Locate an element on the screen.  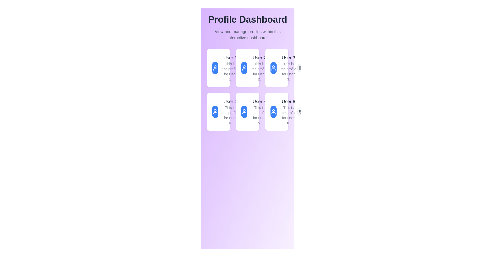
the text label at the top of the user profile card for 'User 2' in the second column of the first row of the grid layout is located at coordinates (259, 58).